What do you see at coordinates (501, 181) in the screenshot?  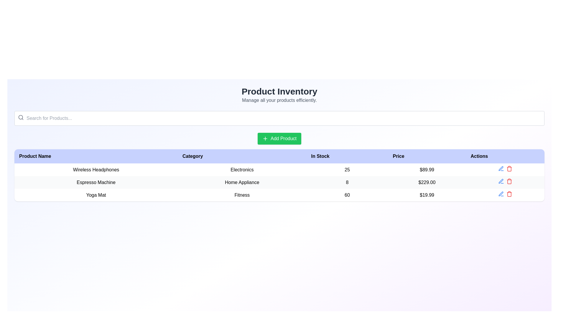 I see `the blue-colored clickable pen icon in the 'Actions' column of the 'Espresso Machine' row` at bounding box center [501, 181].